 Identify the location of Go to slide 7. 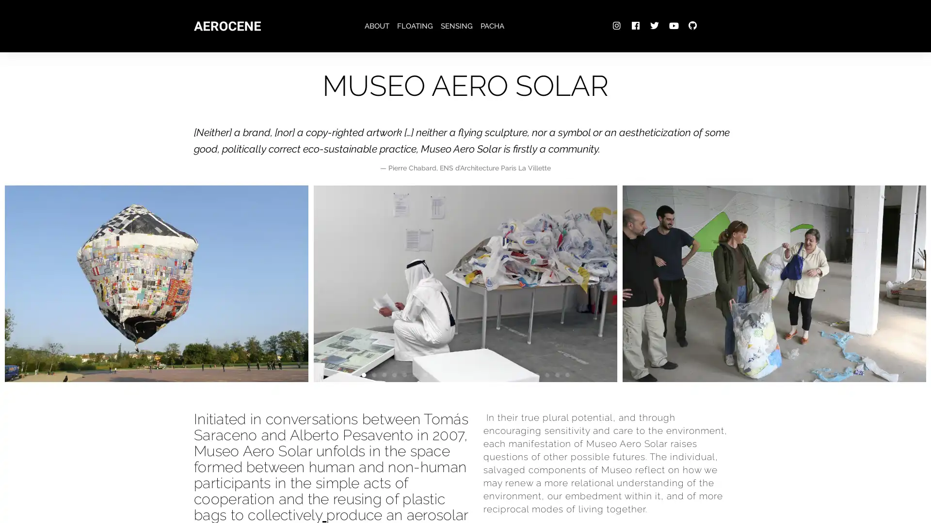
(424, 374).